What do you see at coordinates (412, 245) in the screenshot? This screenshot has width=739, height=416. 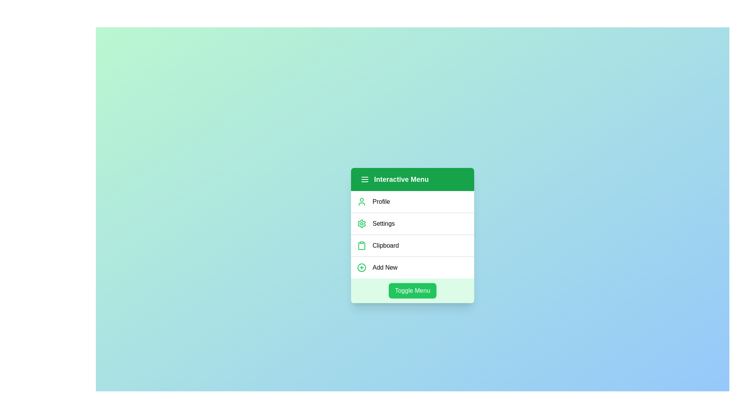 I see `the menu item Clipboard` at bounding box center [412, 245].